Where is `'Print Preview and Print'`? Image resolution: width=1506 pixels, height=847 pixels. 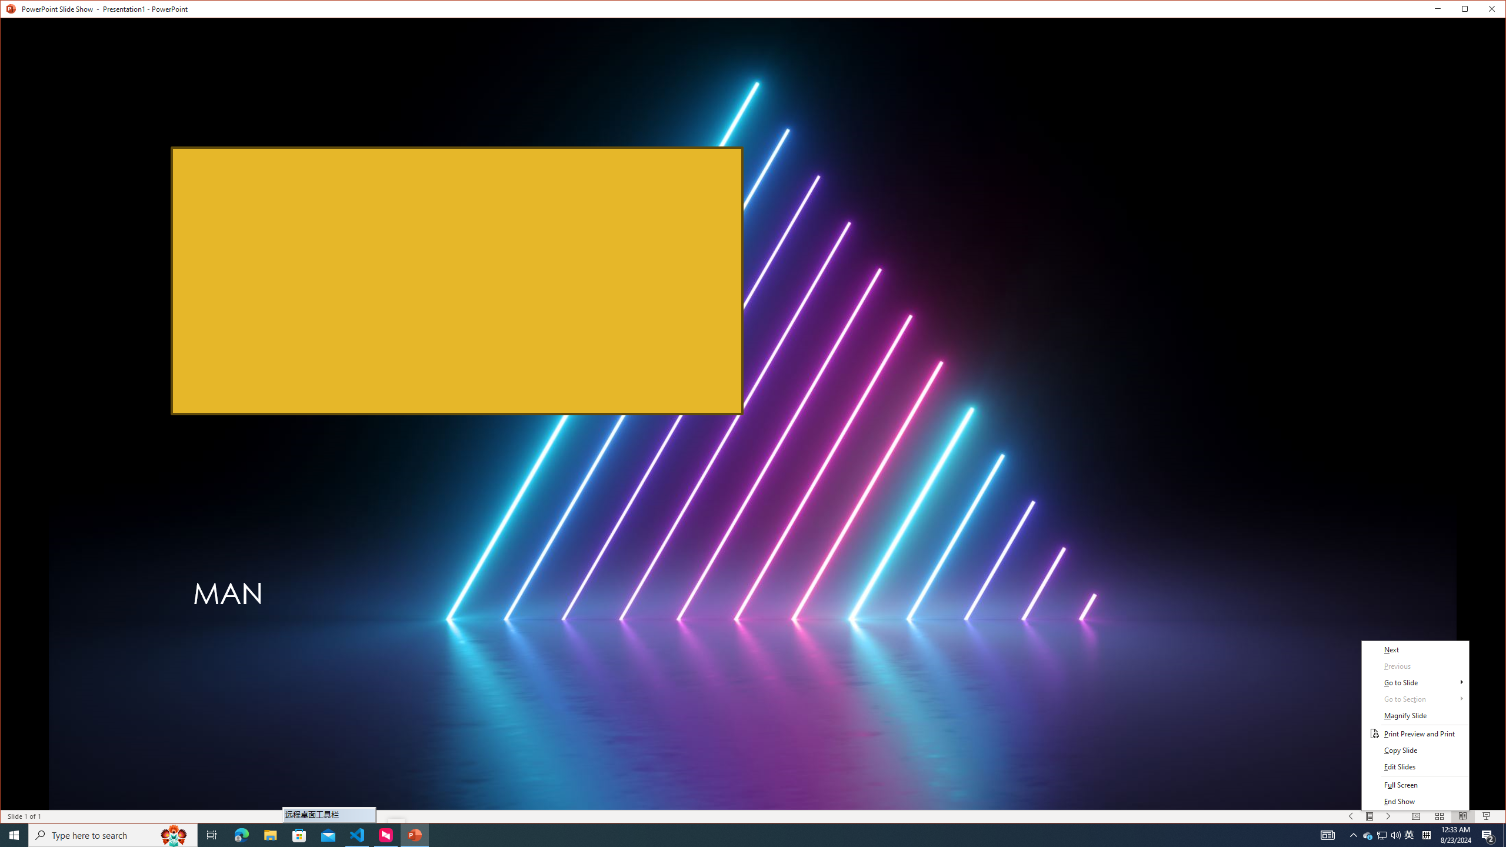 'Print Preview and Print' is located at coordinates (1415, 733).